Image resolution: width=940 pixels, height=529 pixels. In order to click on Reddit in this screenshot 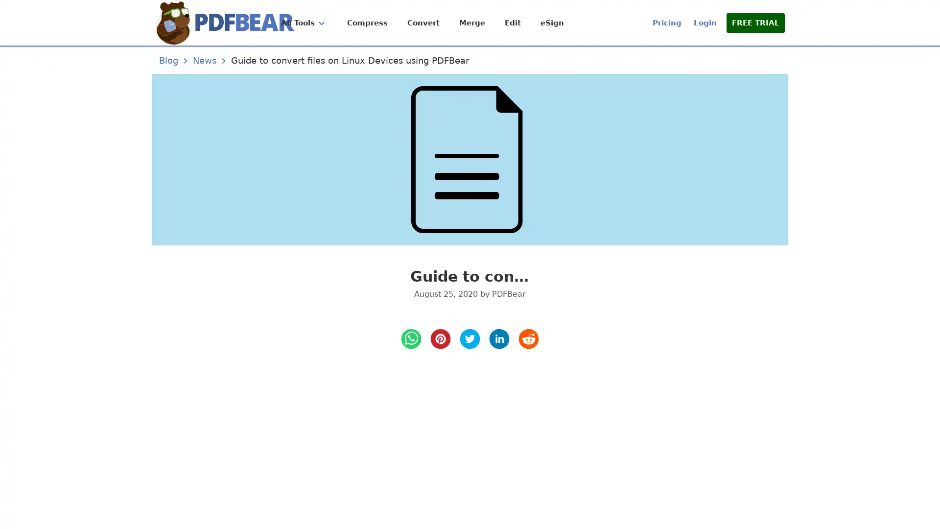, I will do `click(528, 338)`.